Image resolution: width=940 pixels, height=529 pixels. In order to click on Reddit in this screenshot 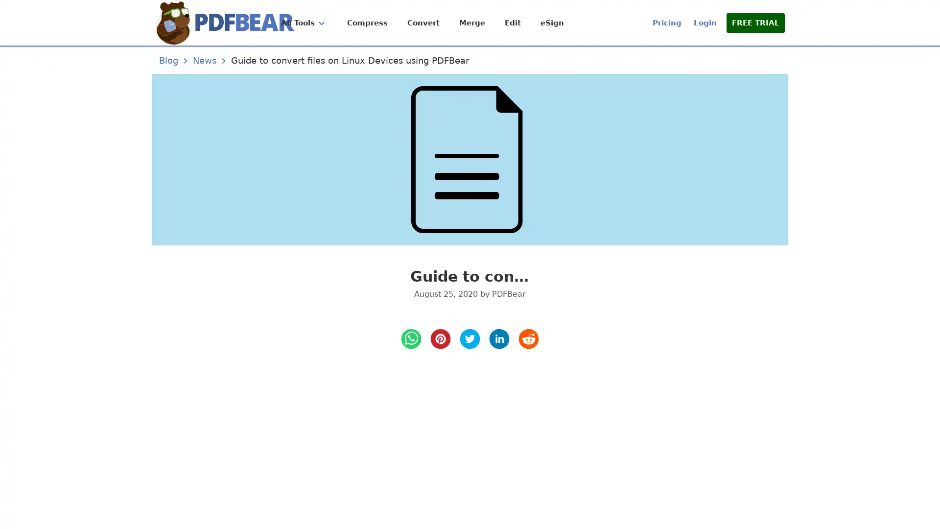, I will do `click(528, 338)`.